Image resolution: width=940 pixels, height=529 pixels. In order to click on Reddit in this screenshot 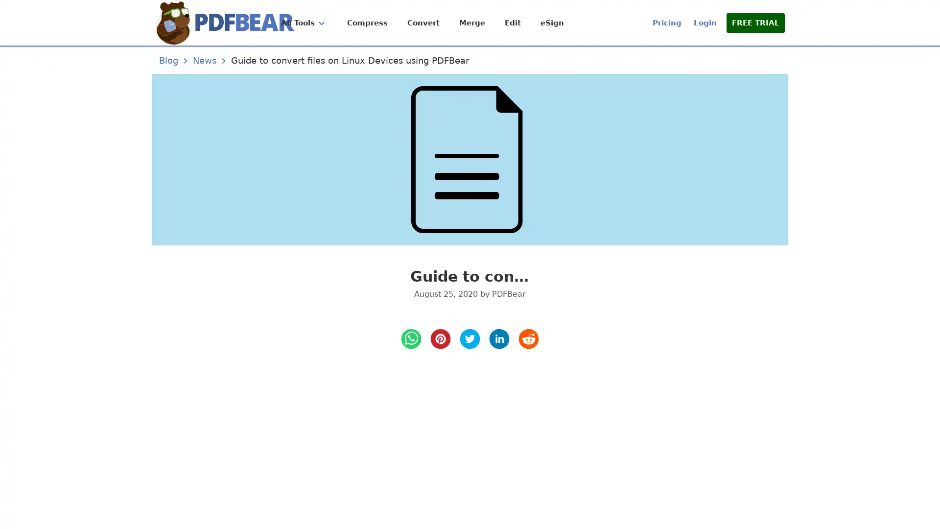, I will do `click(528, 338)`.